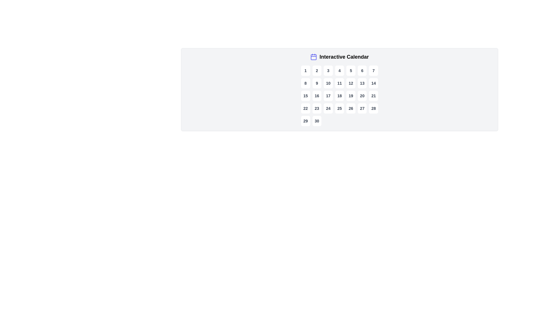  What do you see at coordinates (305, 108) in the screenshot?
I see `the rounded square button with a white background and the number '22' in bold black text, located in the fourth row and first column of the calendar grid` at bounding box center [305, 108].